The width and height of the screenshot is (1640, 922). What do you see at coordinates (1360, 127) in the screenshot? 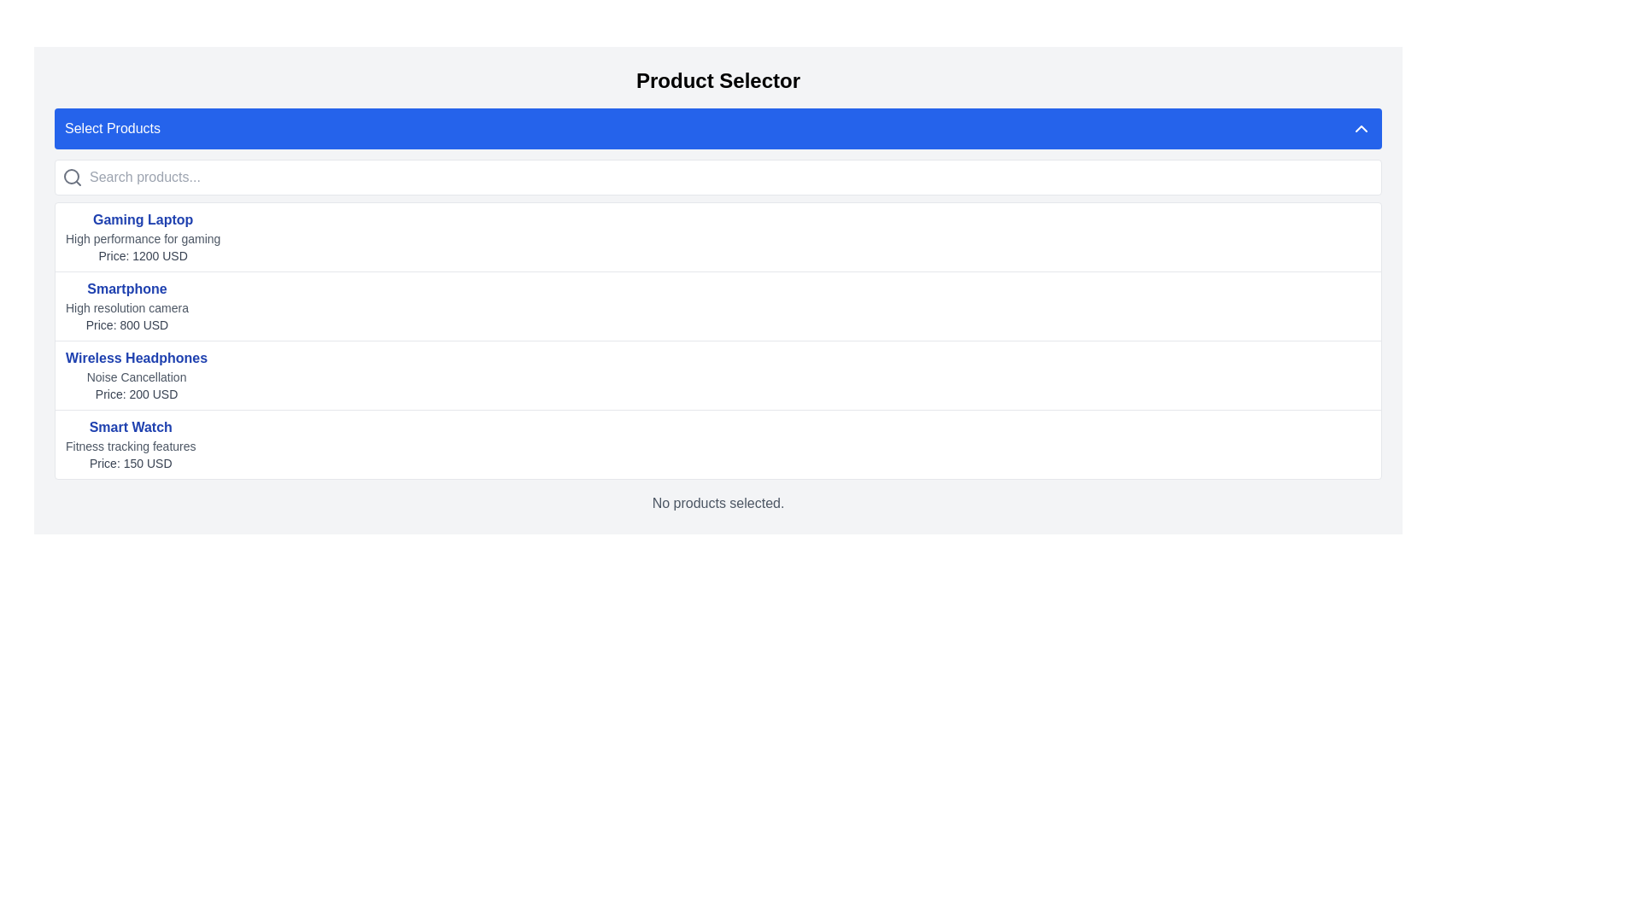
I see `the upward-pointing chevron icon (SVG) located at the top-right inside the blue horizontal bar labeled 'Select Products'` at bounding box center [1360, 127].